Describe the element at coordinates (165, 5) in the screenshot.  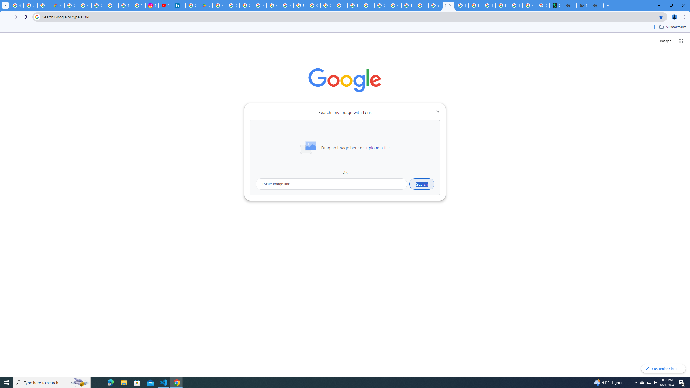
I see `'YouTube Culture & Trends - On The Rise: Handcam Videos'` at that location.